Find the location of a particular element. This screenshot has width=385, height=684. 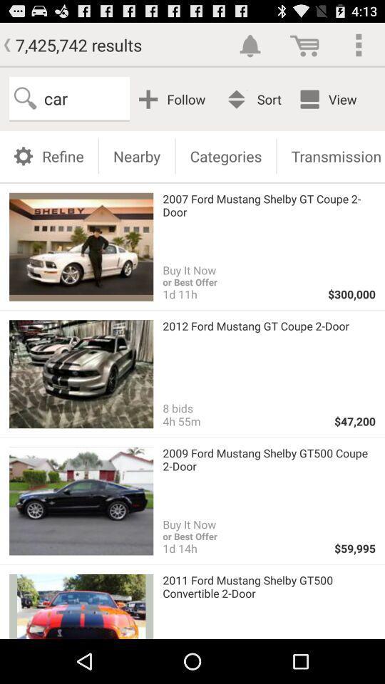

the first image on the web page is located at coordinates (81, 247).